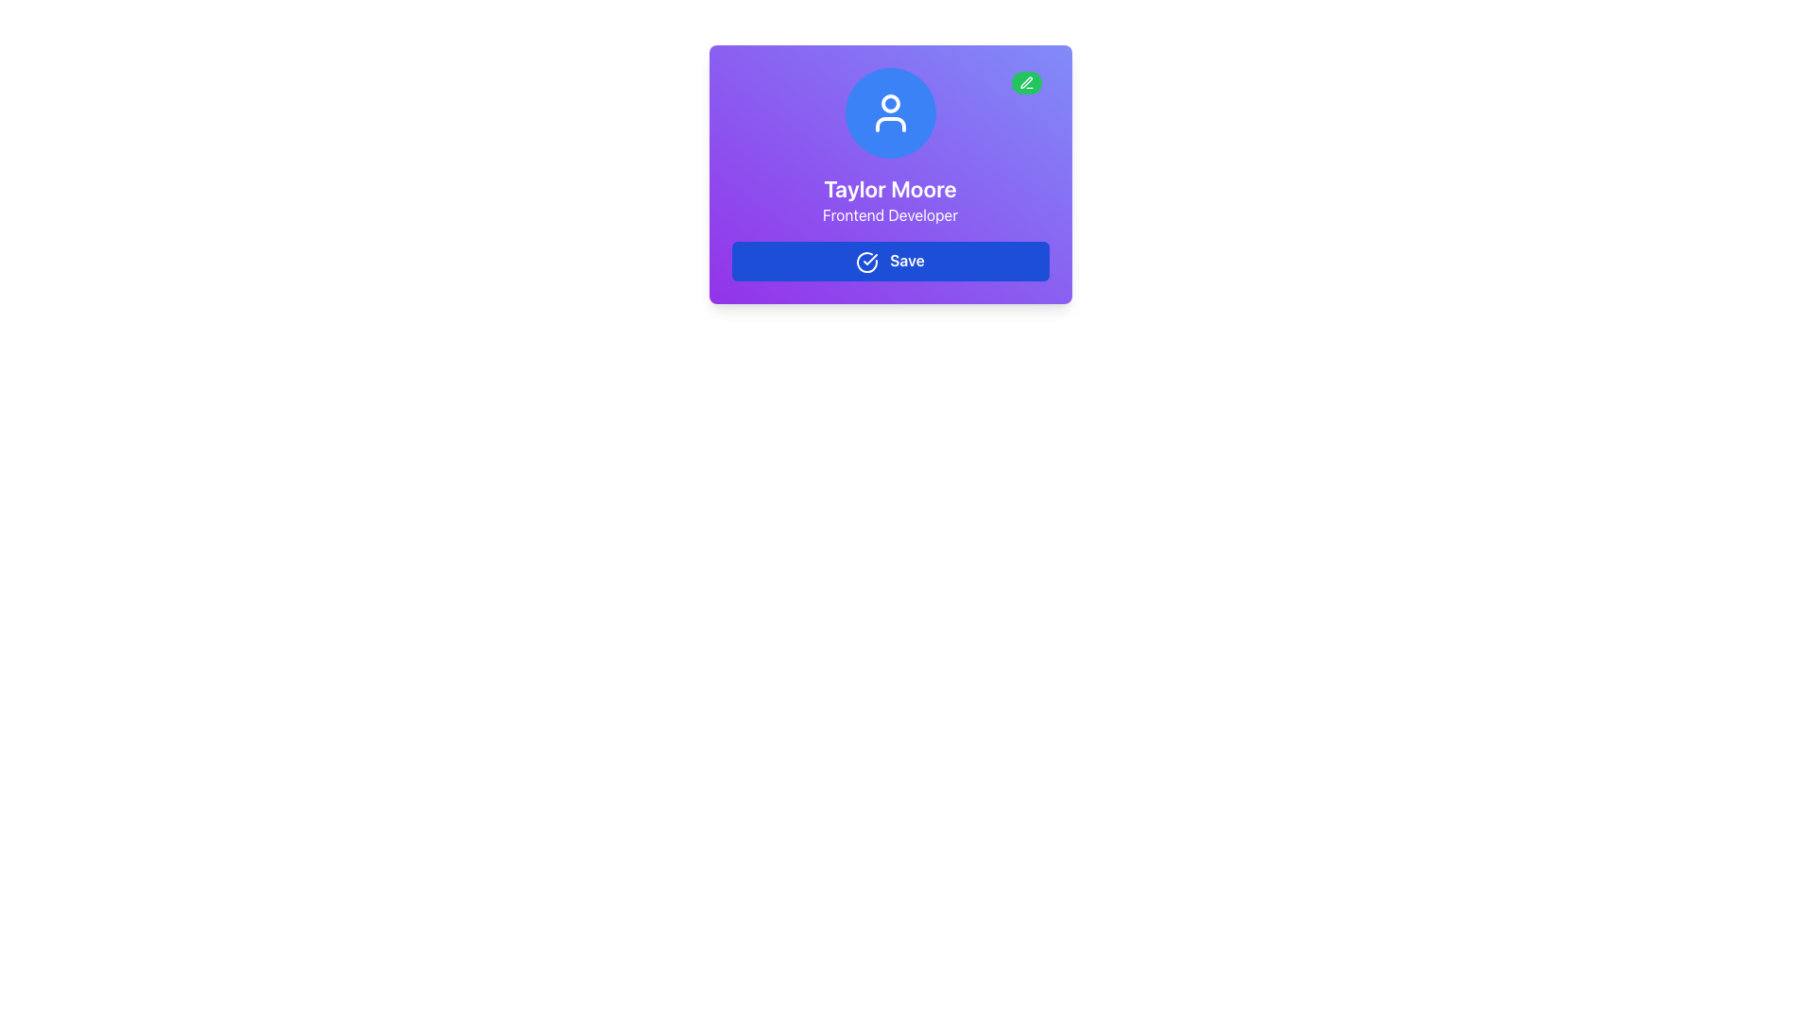  What do you see at coordinates (866, 262) in the screenshot?
I see `the check mark icon within a circle, styled in blue and white, located to the left of the 'Save' text on a blue button at the bottom of a user information card` at bounding box center [866, 262].